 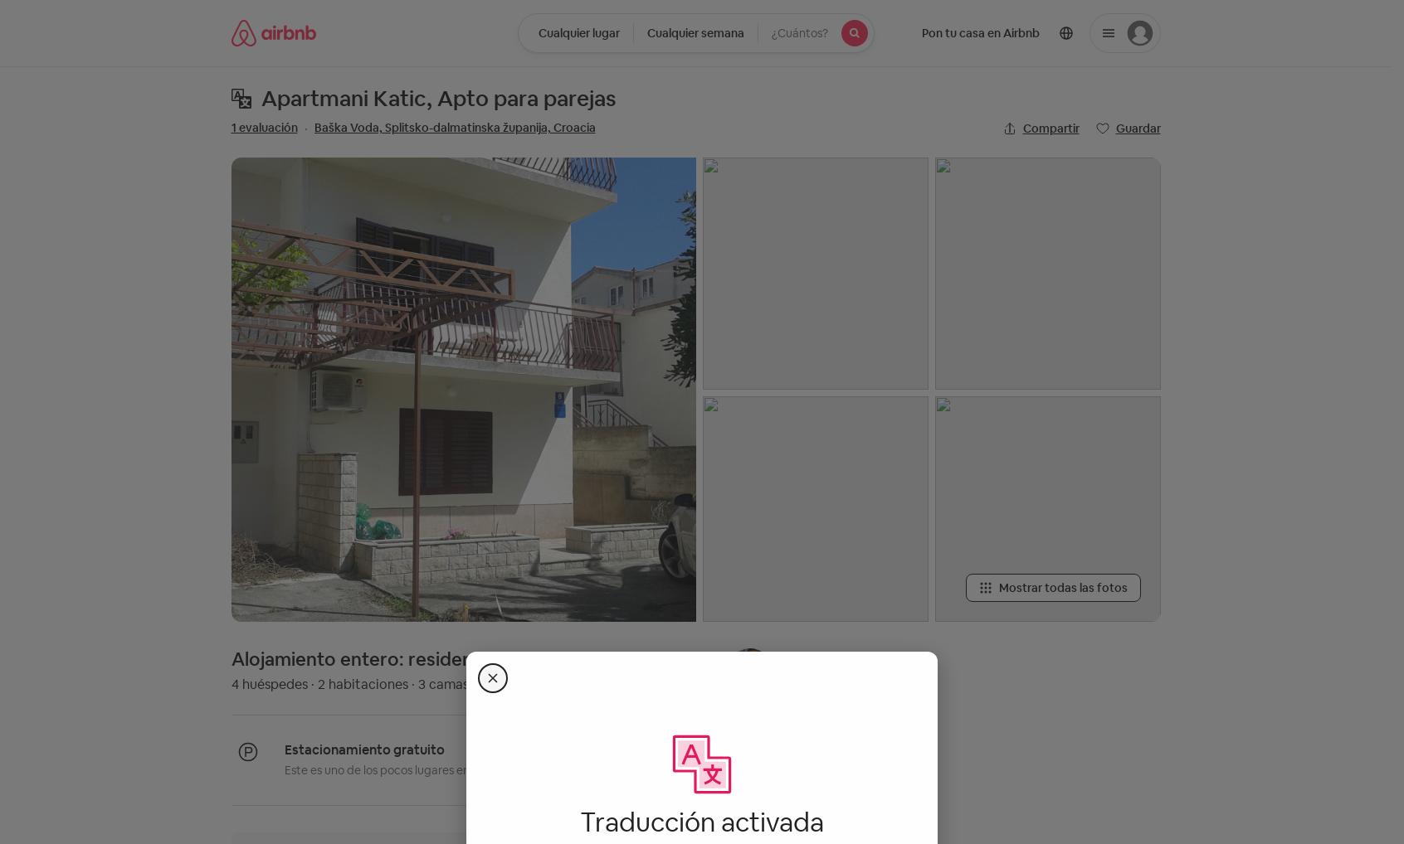 What do you see at coordinates (1061, 588) in the screenshot?
I see `'Mostrar todas las fotos'` at bounding box center [1061, 588].